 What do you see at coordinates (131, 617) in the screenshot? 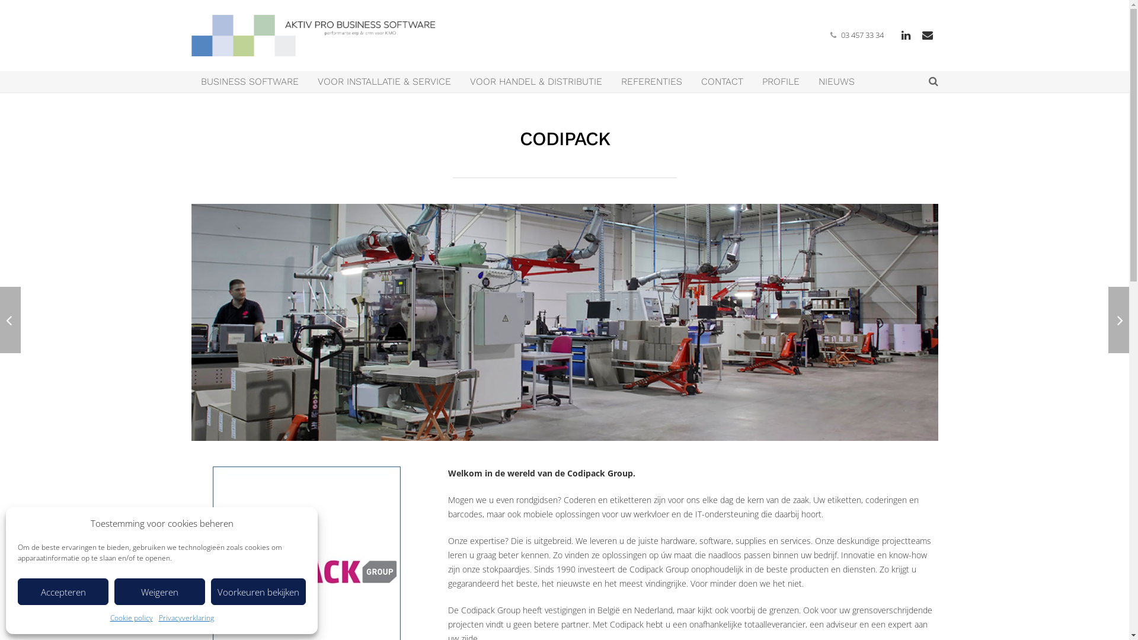
I see `'Cookie policy'` at bounding box center [131, 617].